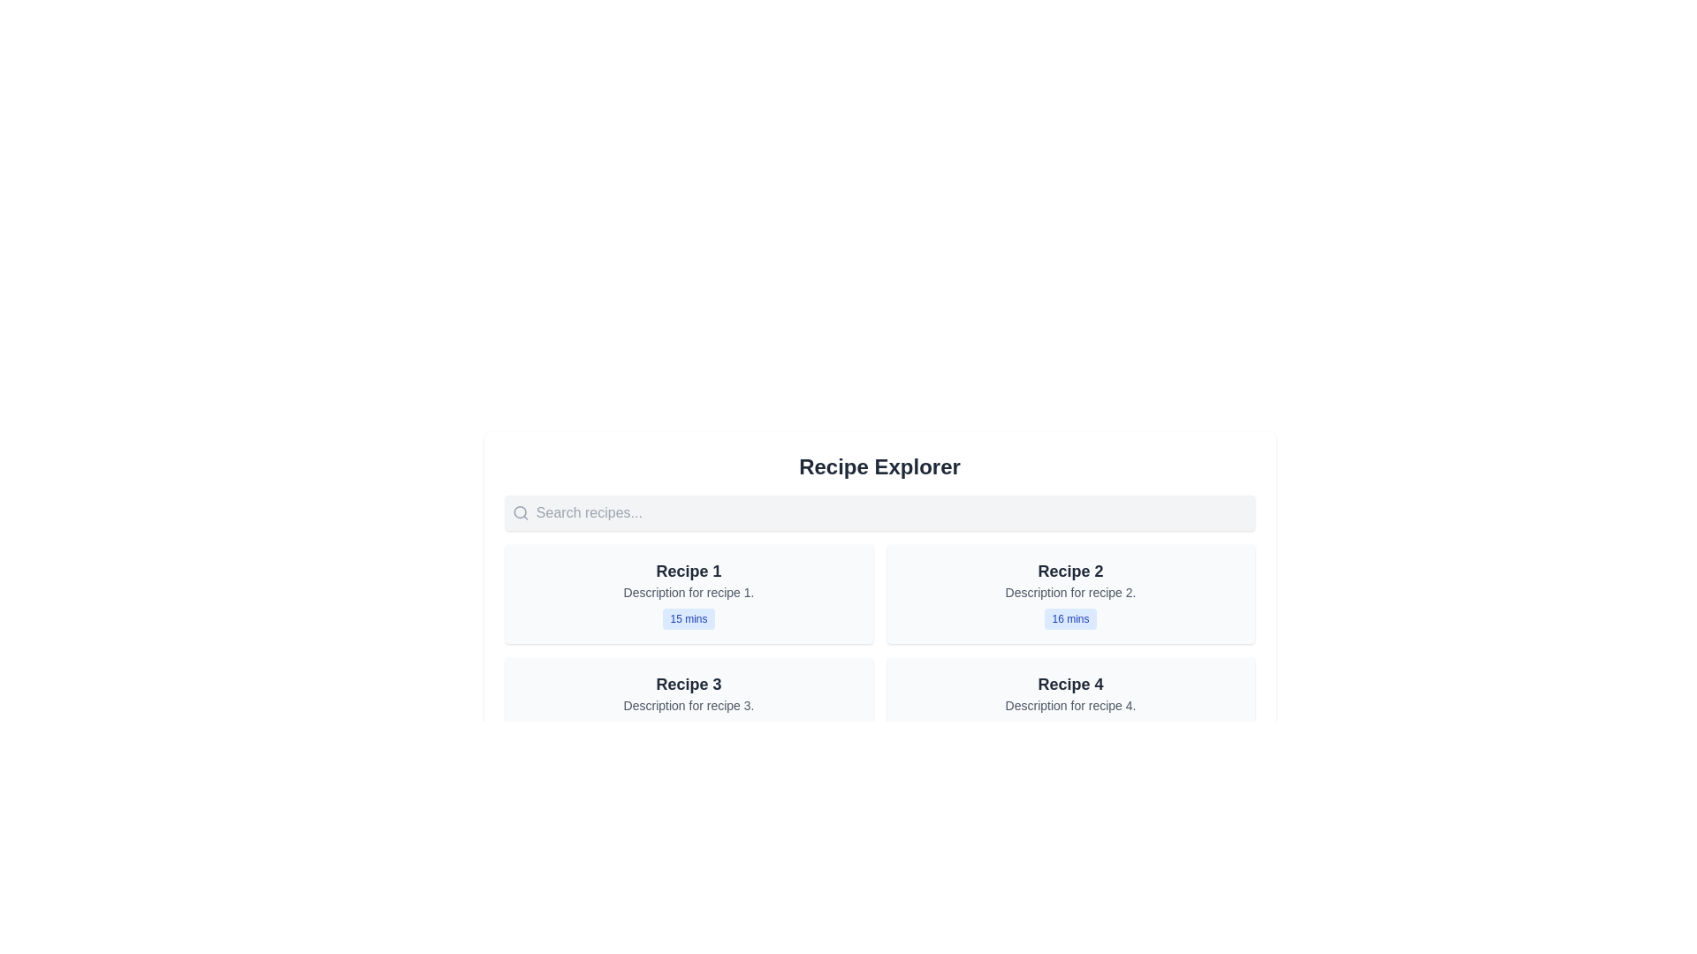 The height and width of the screenshot is (954, 1697). What do you see at coordinates (1069, 594) in the screenshot?
I see `details about the recipe by reading the information card titled 'Recipe 2', which is a light gray rectangular card with rounded corners located in the top row and right column of the recipe cards layout` at bounding box center [1069, 594].